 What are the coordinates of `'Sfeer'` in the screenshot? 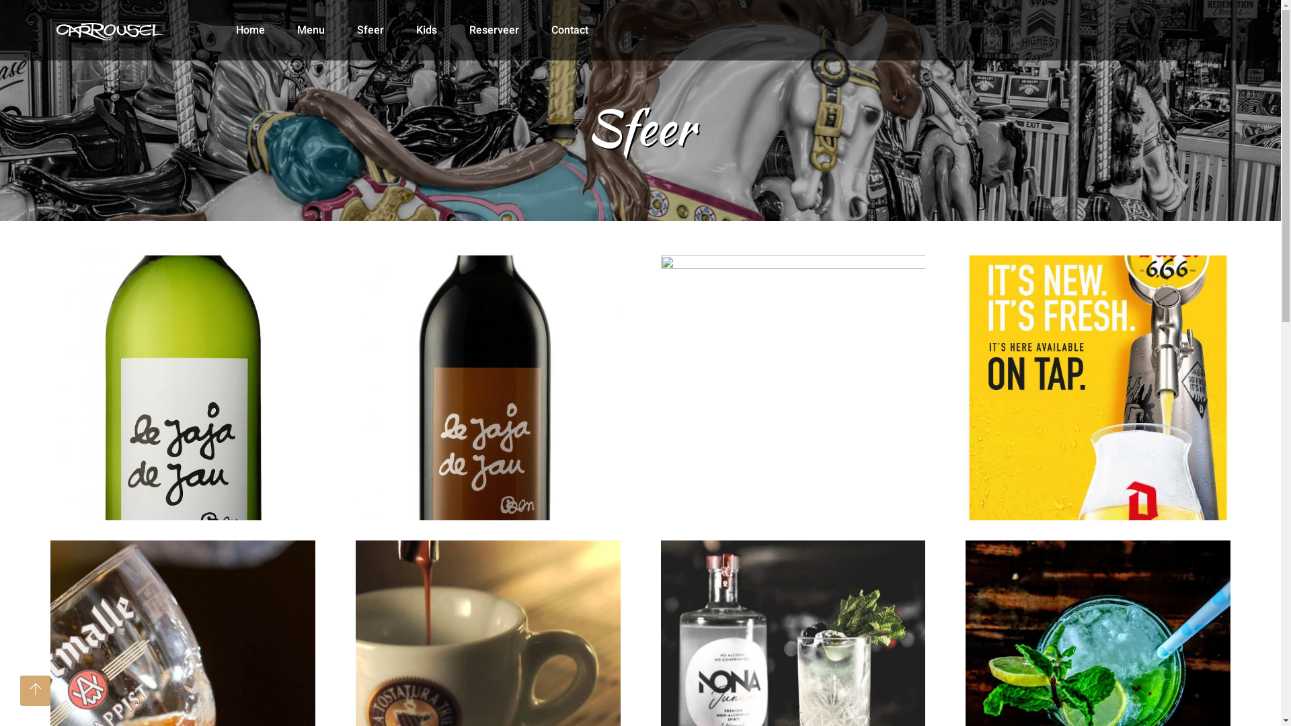 It's located at (370, 30).